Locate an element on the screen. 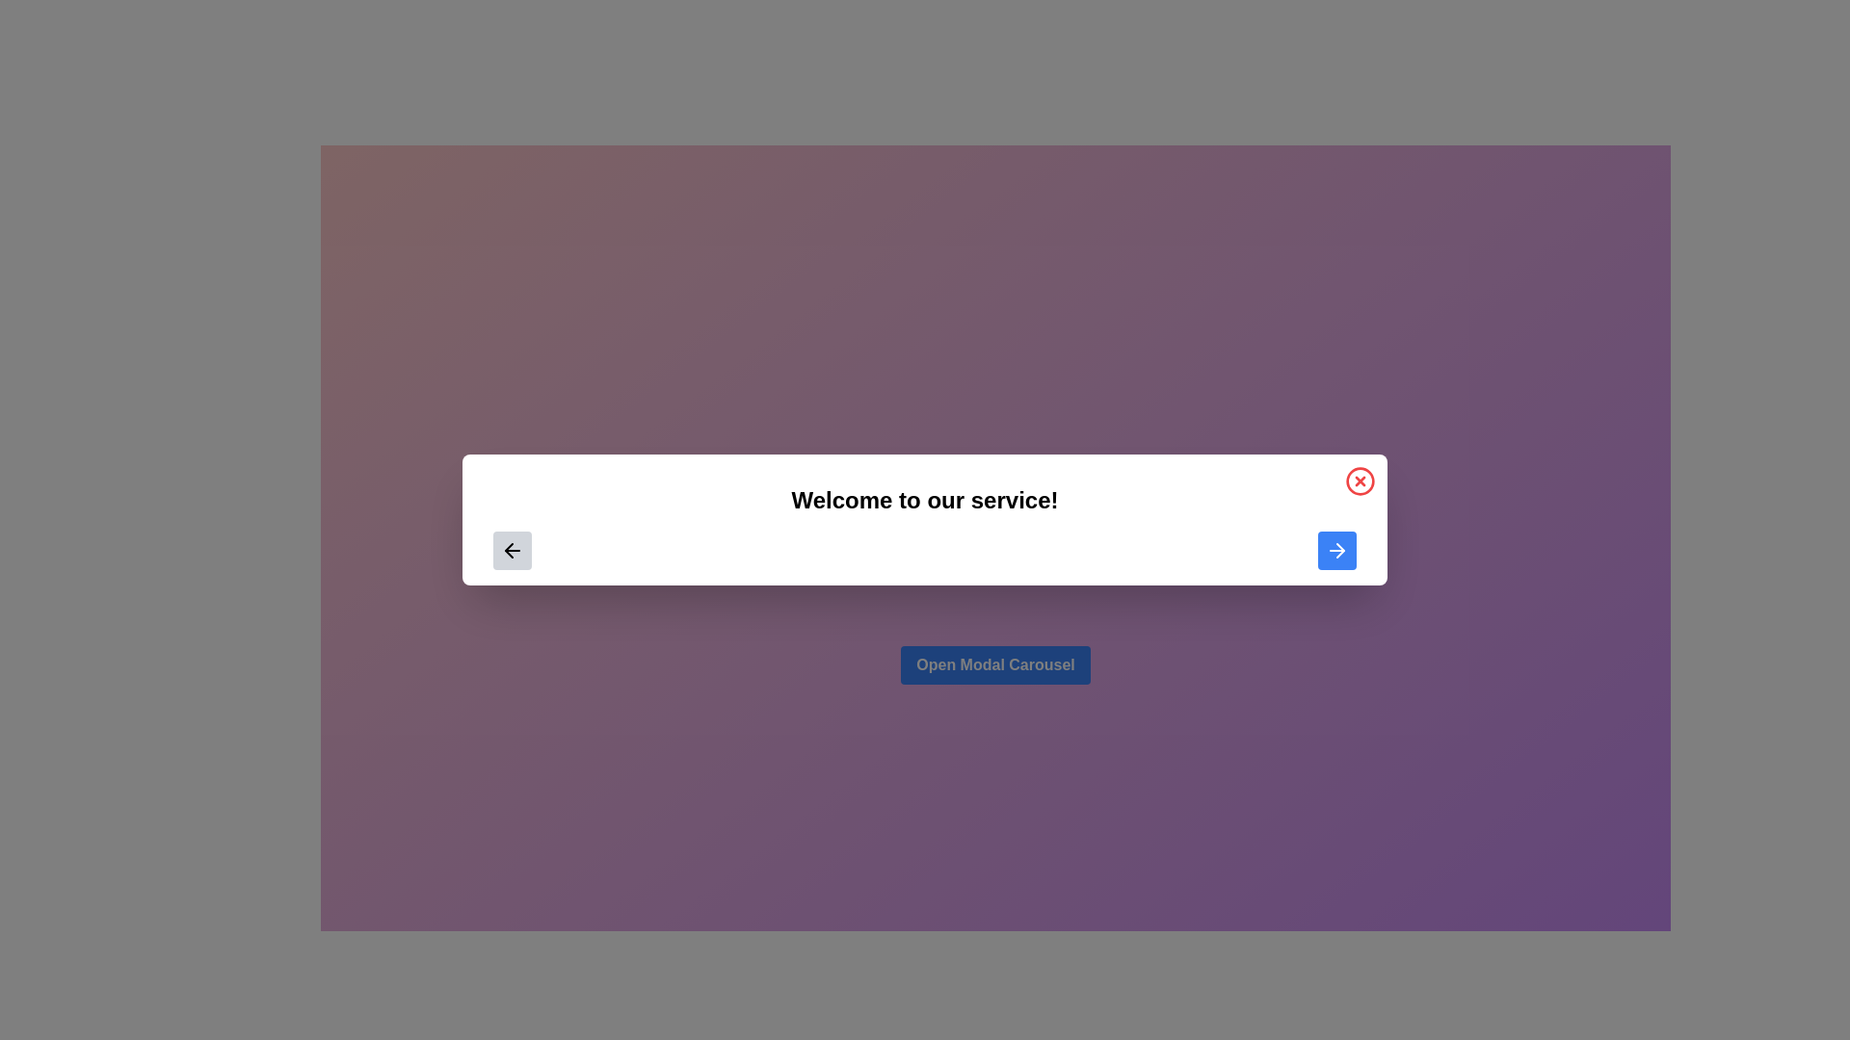  the close button located in the top-right corner of the dialog box is located at coordinates (1359, 481).